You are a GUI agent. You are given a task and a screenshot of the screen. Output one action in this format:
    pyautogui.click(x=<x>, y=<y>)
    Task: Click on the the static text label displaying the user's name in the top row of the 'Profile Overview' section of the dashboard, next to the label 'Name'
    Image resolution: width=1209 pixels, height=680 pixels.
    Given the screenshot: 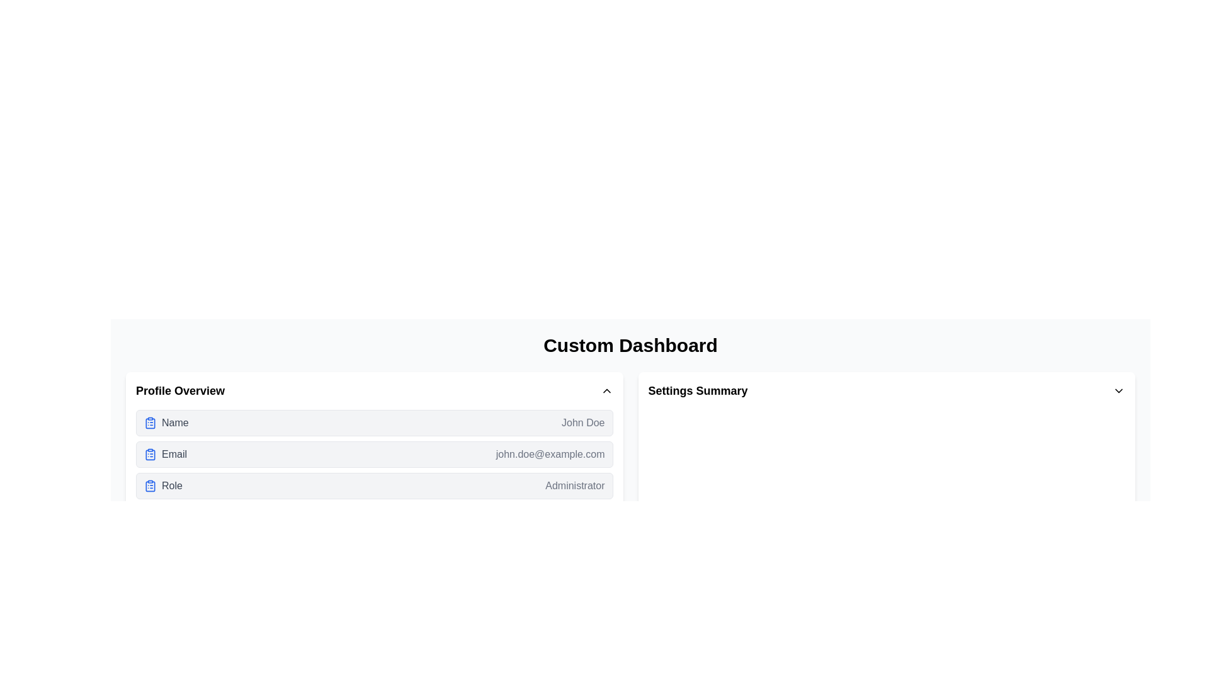 What is the action you would take?
    pyautogui.click(x=582, y=422)
    